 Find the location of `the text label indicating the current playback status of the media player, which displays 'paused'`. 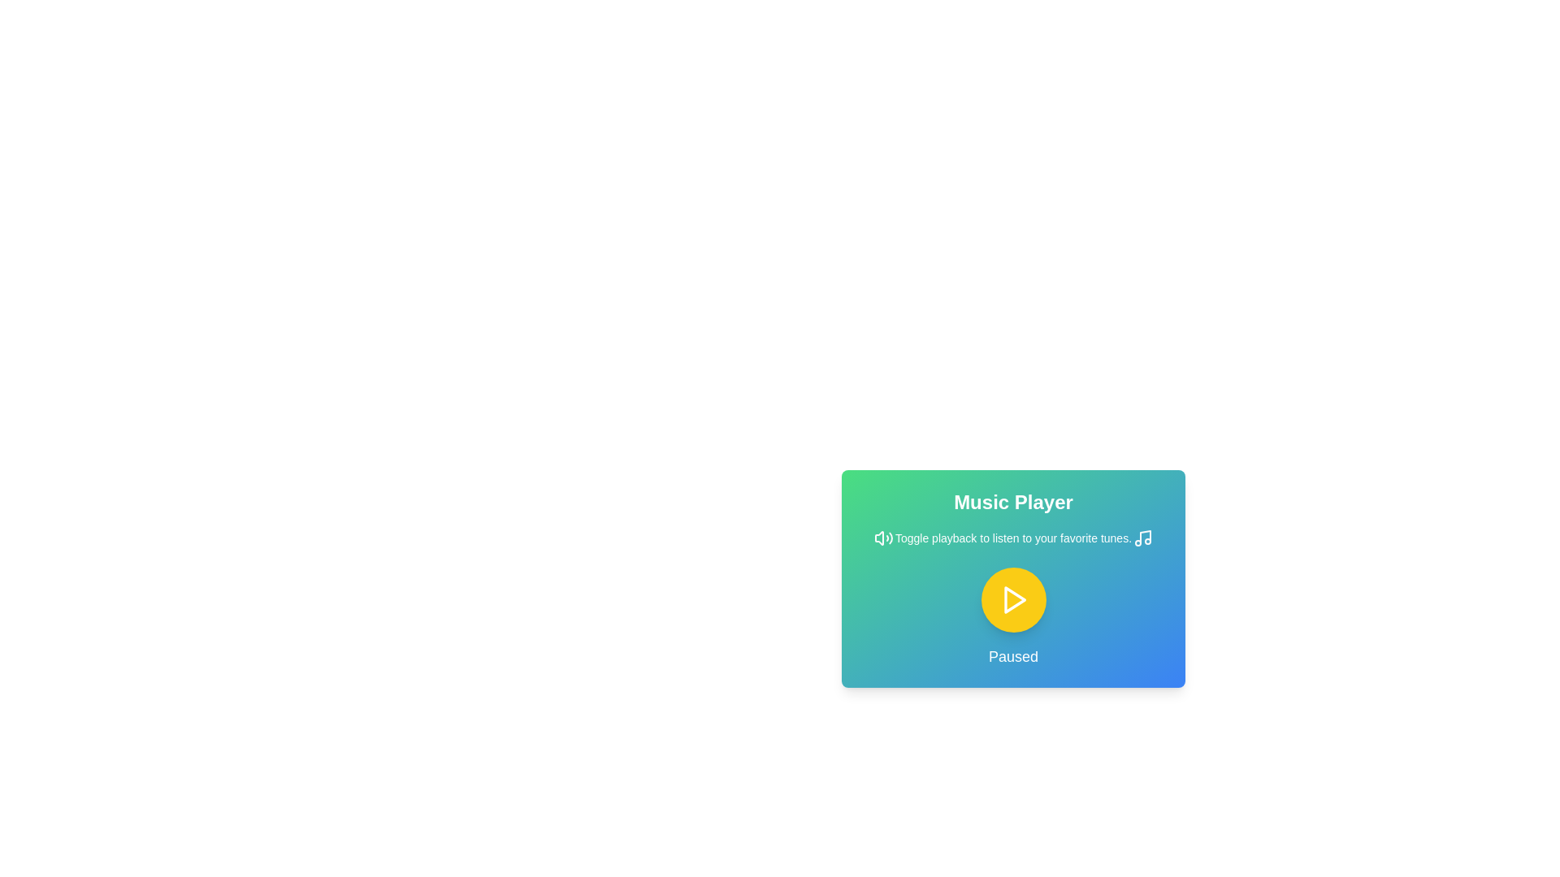

the text label indicating the current playback status of the media player, which displays 'paused' is located at coordinates (1012, 656).